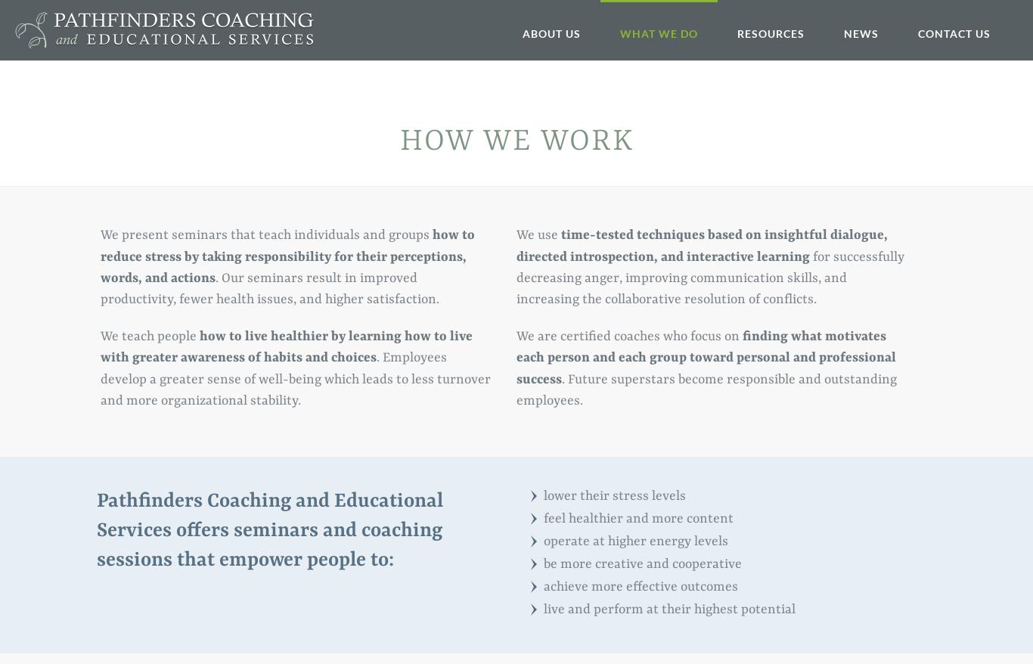  I want to click on '. Future superstars become responsible and outstanding employees.', so click(706, 389).